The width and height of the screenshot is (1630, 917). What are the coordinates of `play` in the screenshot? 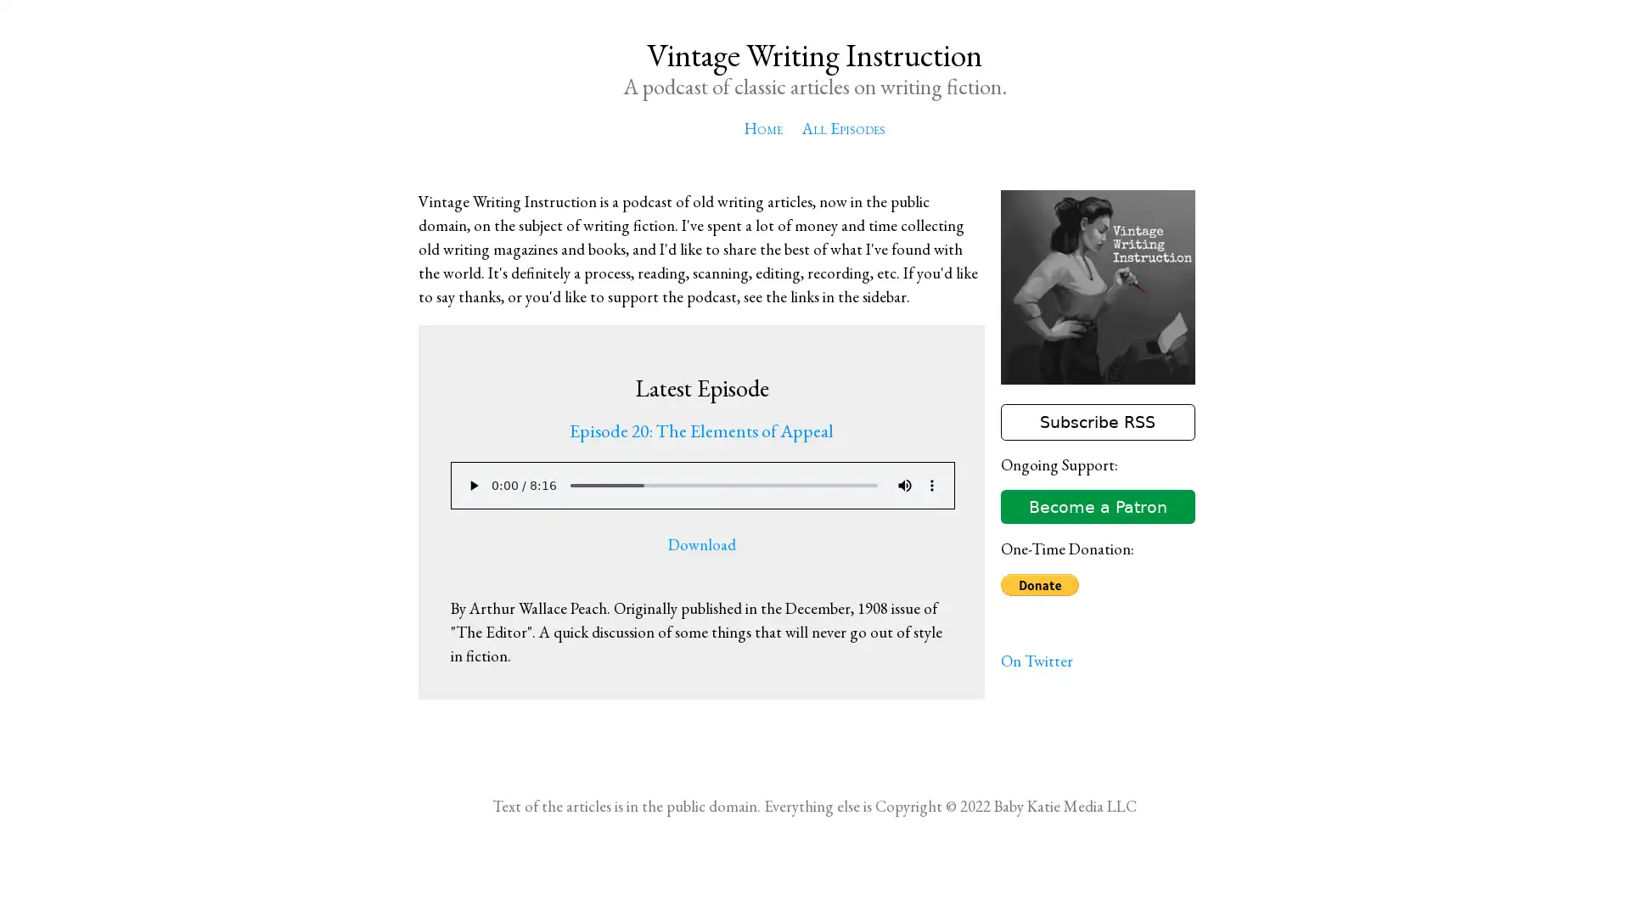 It's located at (472, 485).